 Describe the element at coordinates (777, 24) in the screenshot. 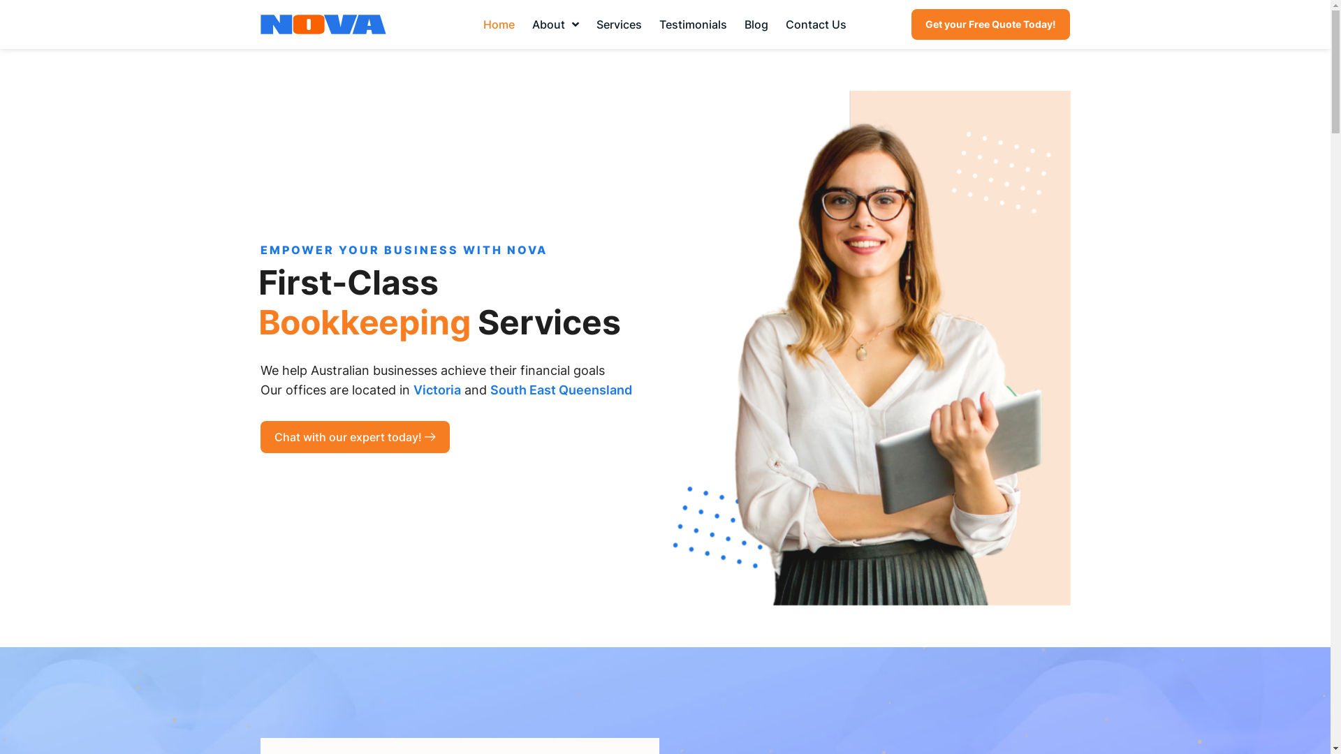

I see `'Contact Us'` at that location.